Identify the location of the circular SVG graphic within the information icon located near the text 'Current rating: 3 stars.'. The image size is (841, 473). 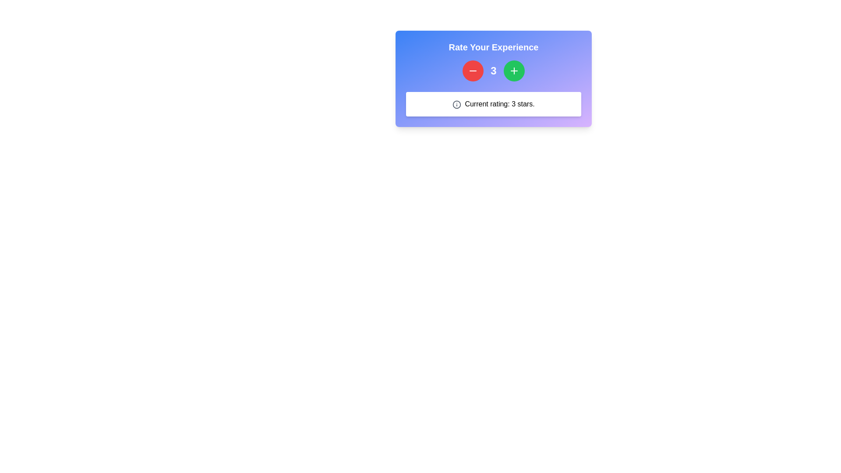
(456, 104).